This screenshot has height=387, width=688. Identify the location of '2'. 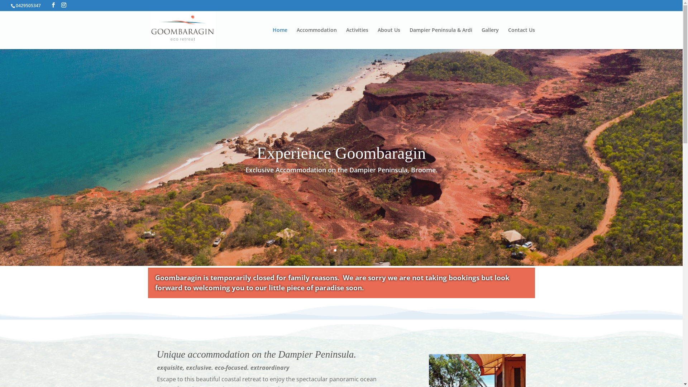
(335, 250).